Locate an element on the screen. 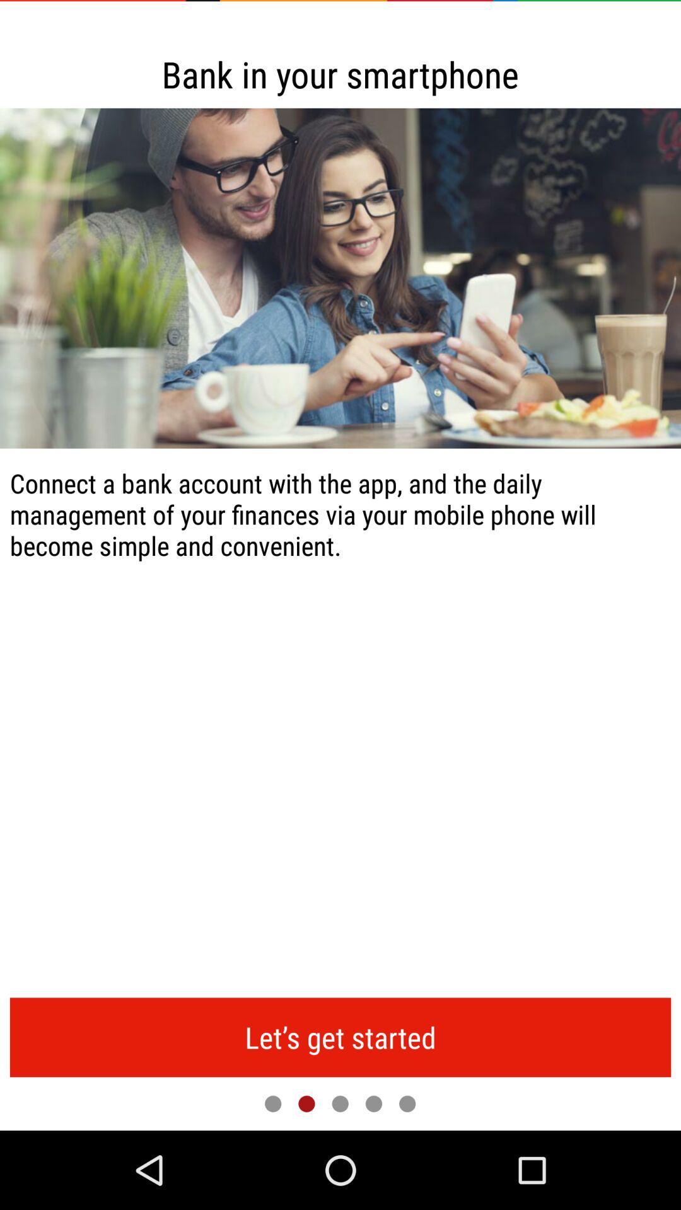  the let s get item is located at coordinates (340, 1037).